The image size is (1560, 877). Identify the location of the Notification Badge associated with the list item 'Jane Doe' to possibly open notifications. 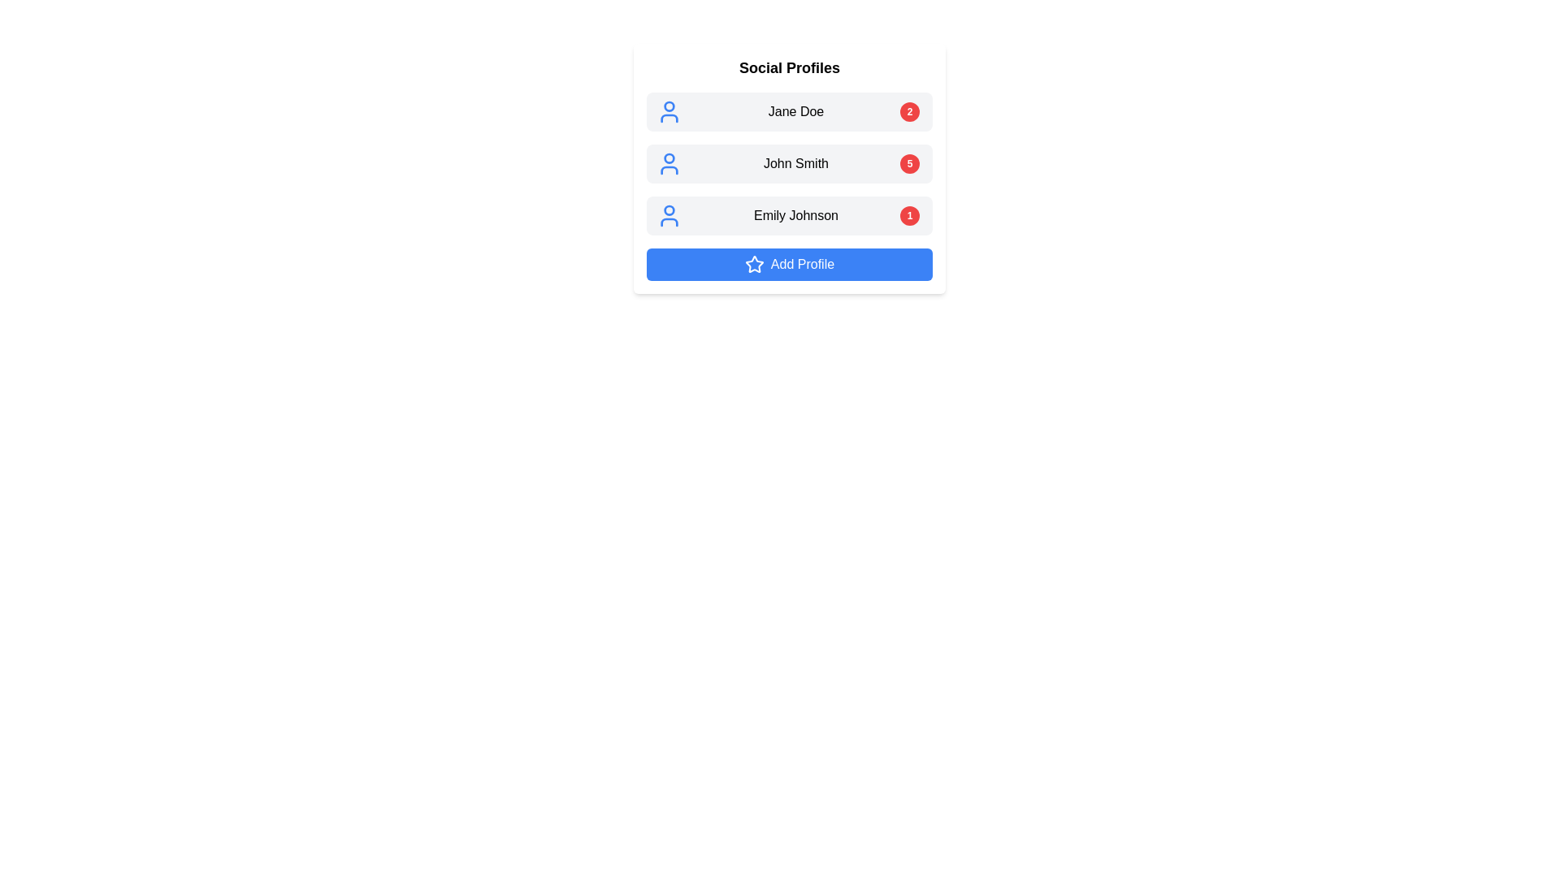
(908, 111).